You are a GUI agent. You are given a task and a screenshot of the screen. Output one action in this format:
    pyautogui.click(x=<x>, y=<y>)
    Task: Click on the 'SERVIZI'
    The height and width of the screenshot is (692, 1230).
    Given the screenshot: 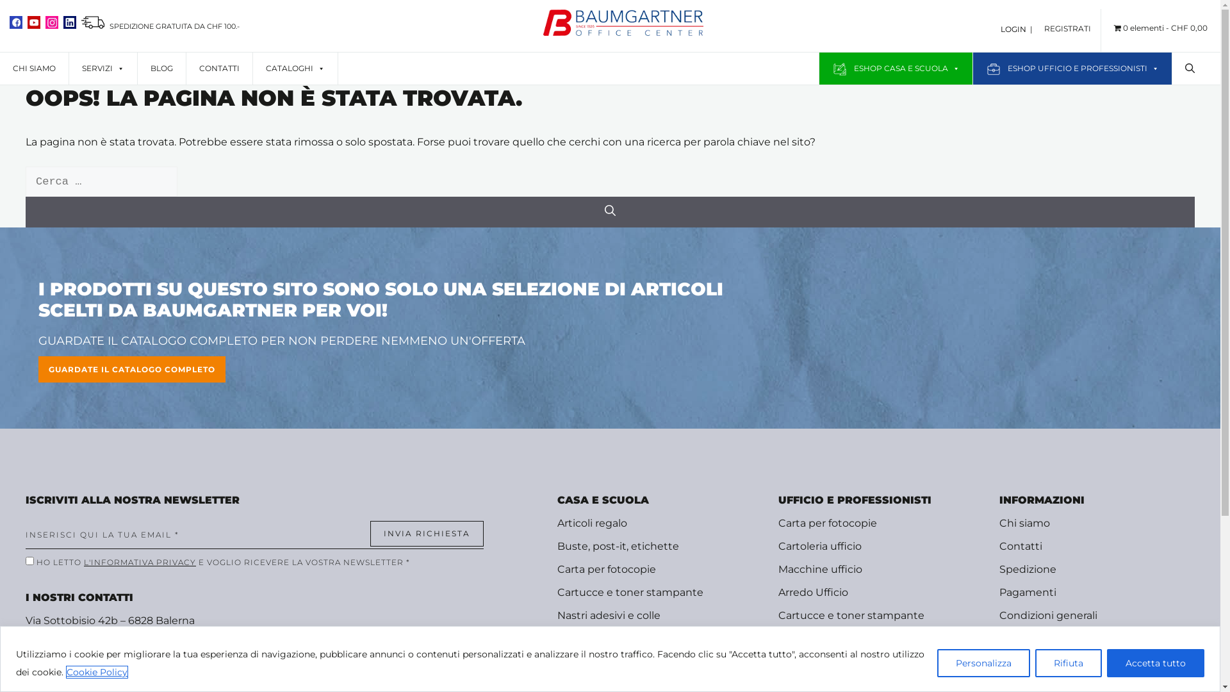 What is the action you would take?
    pyautogui.click(x=103, y=69)
    